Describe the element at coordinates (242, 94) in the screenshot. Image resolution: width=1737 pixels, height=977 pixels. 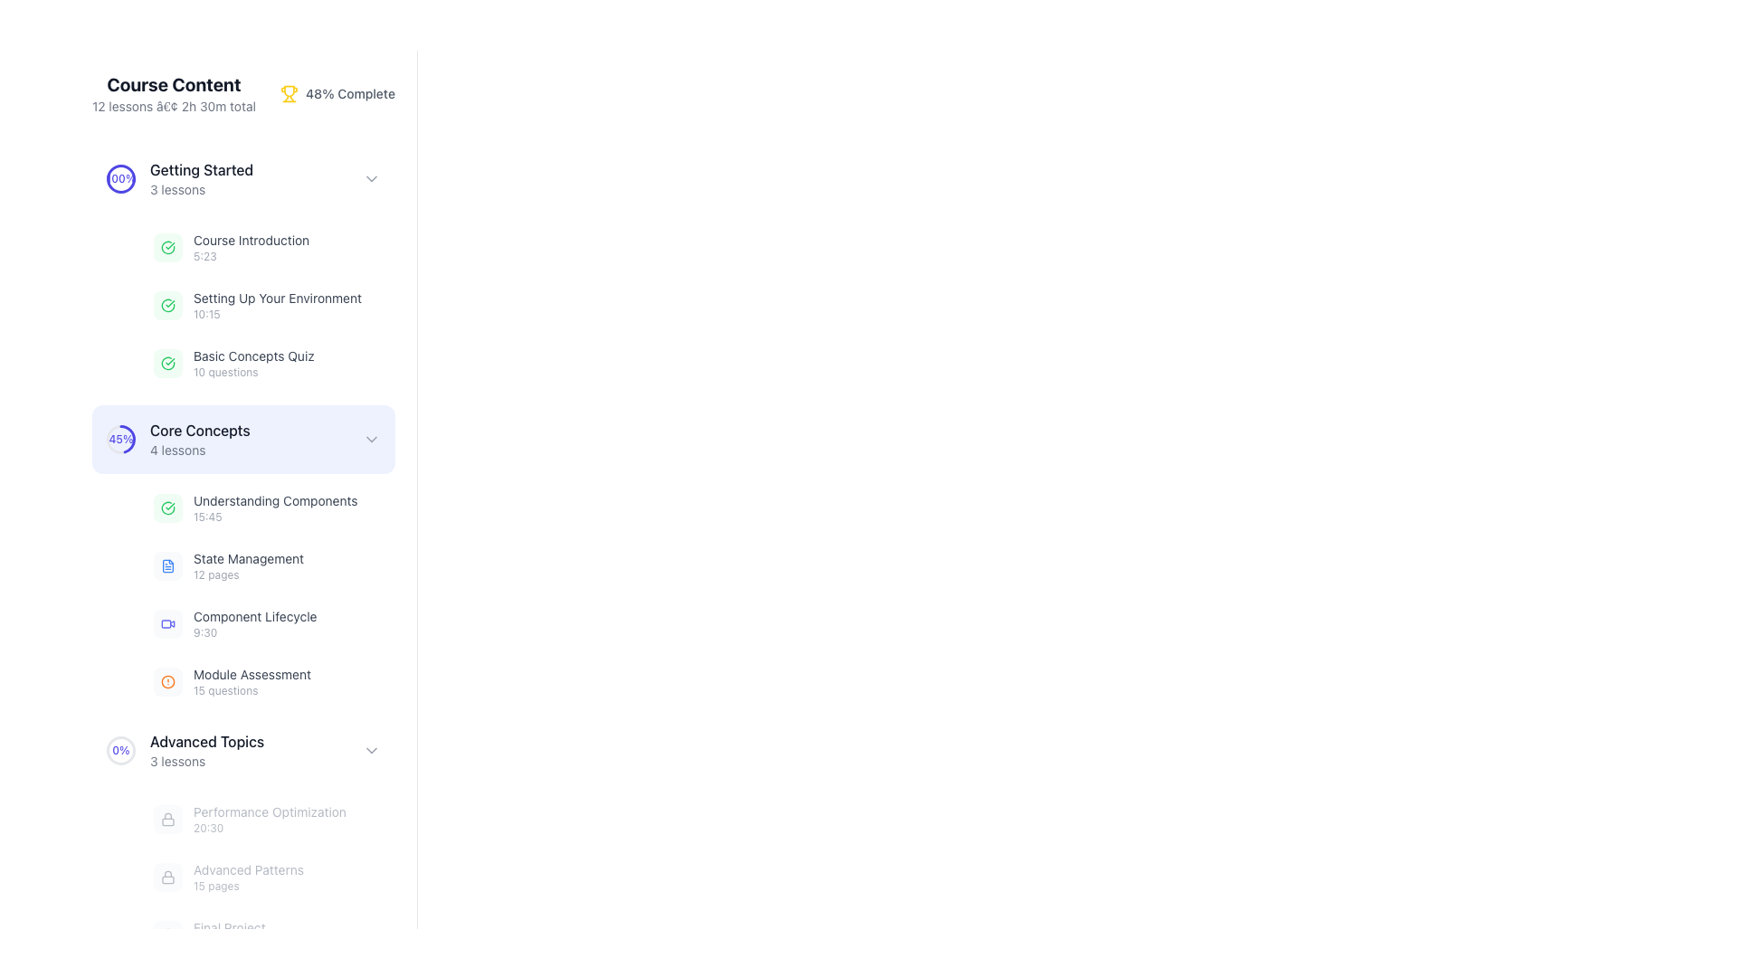
I see `course details and progress information from the Header component located at the top of the side panel` at that location.